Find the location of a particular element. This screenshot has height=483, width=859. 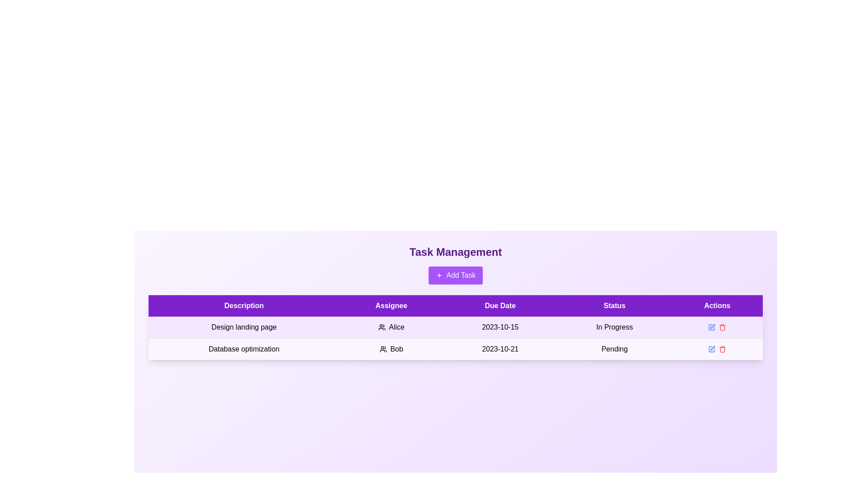

the small pen icon button in the Actions column of the second row of the table is located at coordinates (712, 326).